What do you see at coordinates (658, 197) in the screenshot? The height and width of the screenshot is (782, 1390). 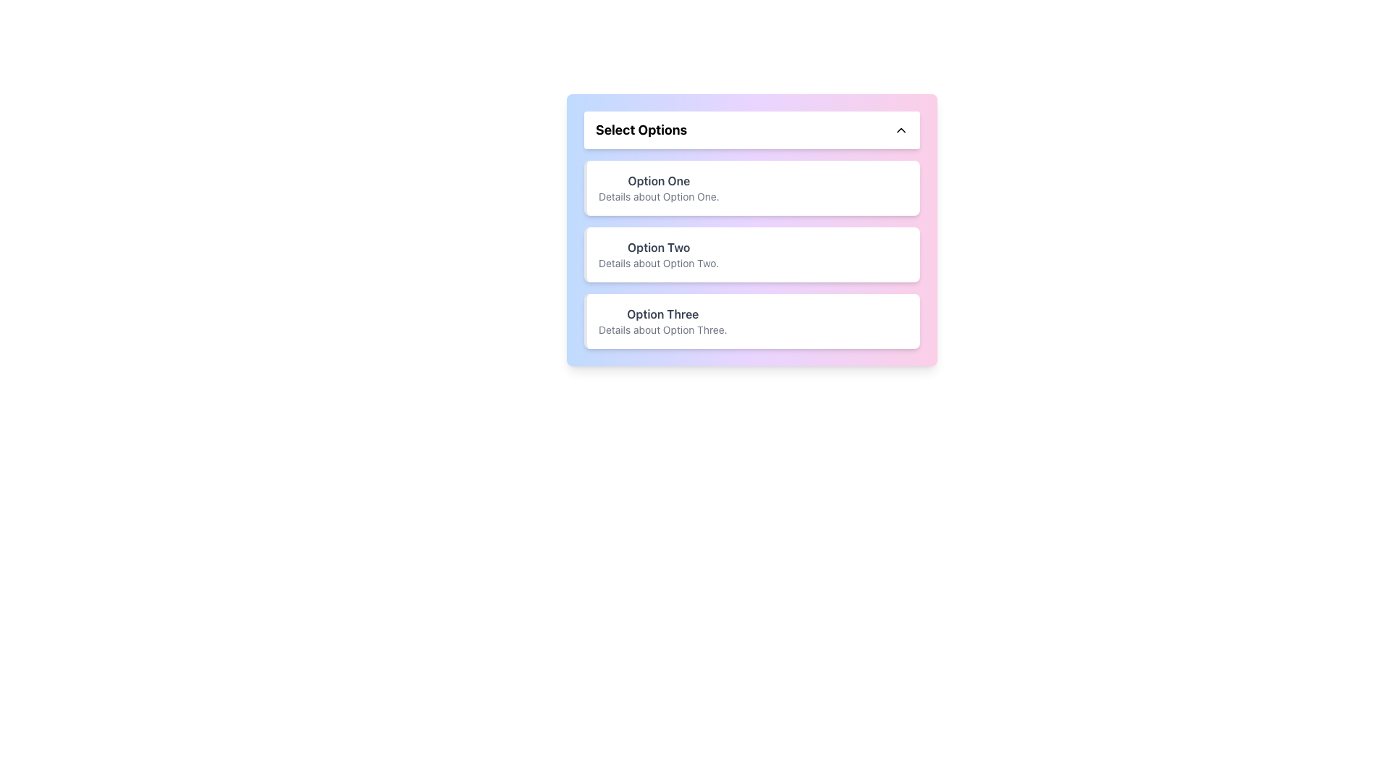 I see `the descriptive text located below the title 'Option One' which provides additional contextual information about the option` at bounding box center [658, 197].